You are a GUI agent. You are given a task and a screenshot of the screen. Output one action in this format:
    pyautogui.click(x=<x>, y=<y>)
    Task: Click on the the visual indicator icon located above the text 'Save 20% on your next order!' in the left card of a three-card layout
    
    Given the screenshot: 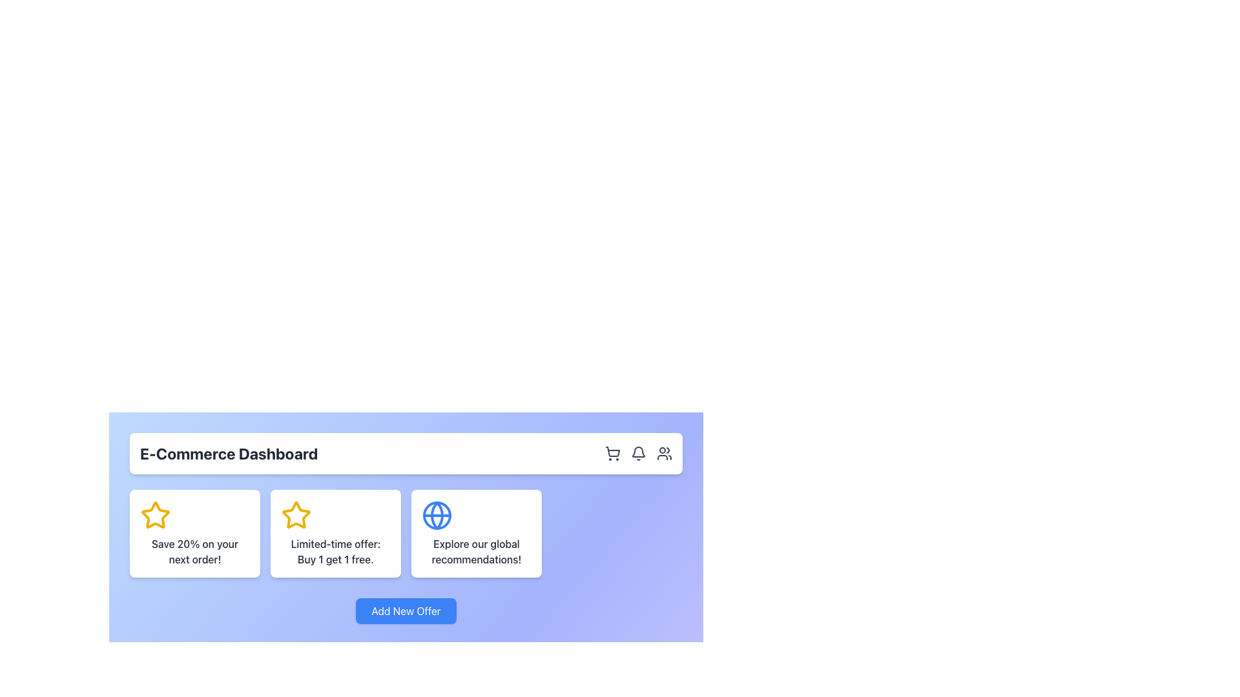 What is the action you would take?
    pyautogui.click(x=155, y=514)
    